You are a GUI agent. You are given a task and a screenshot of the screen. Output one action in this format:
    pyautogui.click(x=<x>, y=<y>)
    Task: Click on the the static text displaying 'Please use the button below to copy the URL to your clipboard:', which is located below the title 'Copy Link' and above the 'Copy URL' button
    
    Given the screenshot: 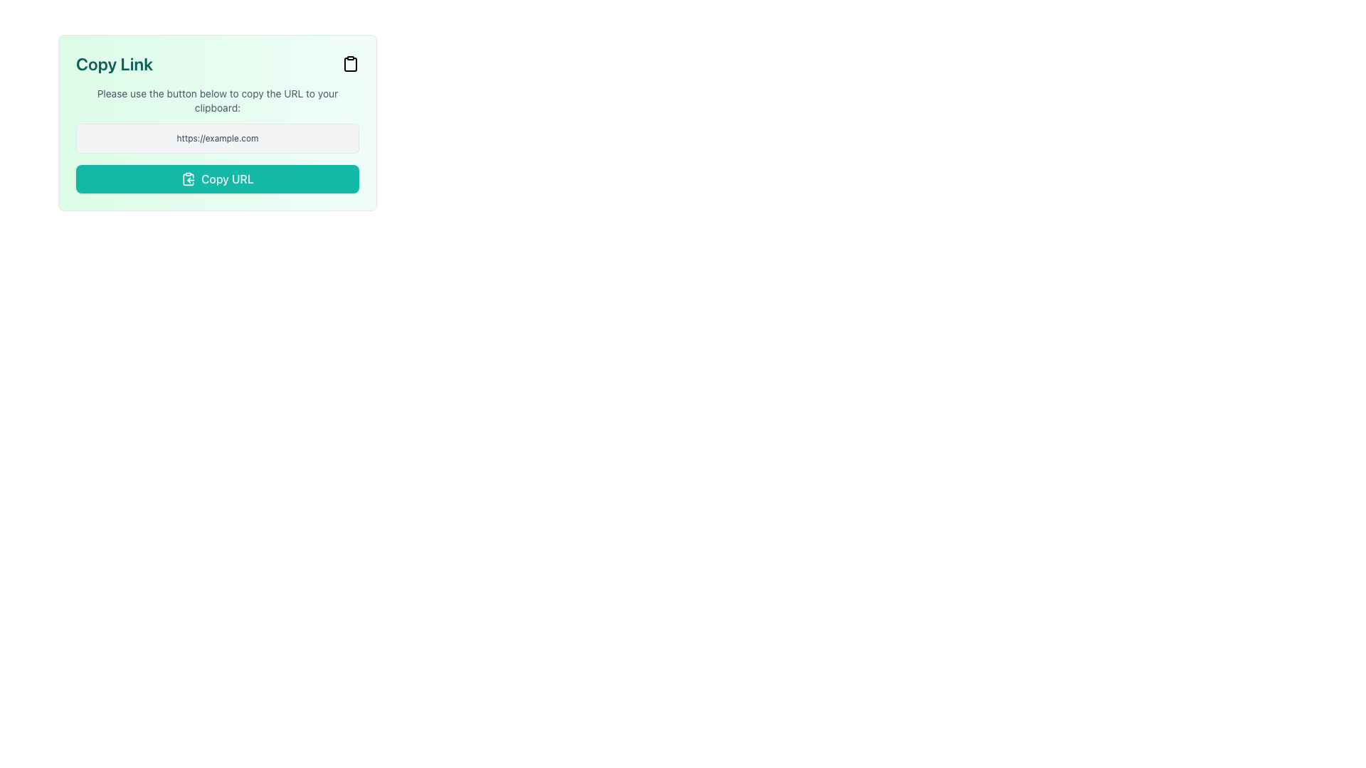 What is the action you would take?
    pyautogui.click(x=217, y=100)
    